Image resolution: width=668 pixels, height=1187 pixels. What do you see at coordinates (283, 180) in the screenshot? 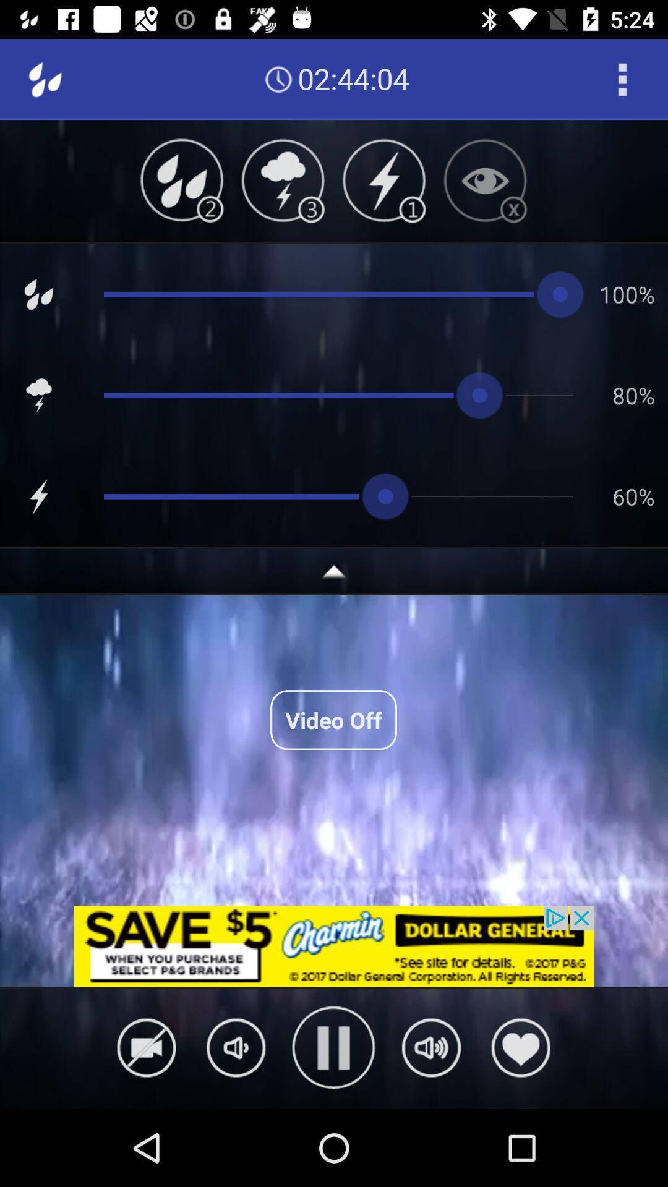
I see `the weather icon` at bounding box center [283, 180].